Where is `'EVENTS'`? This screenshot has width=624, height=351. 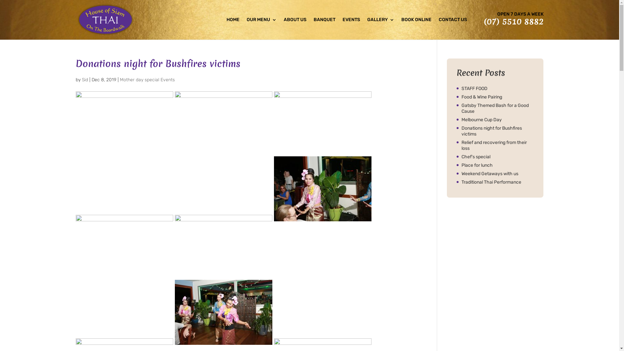
'EVENTS' is located at coordinates (351, 28).